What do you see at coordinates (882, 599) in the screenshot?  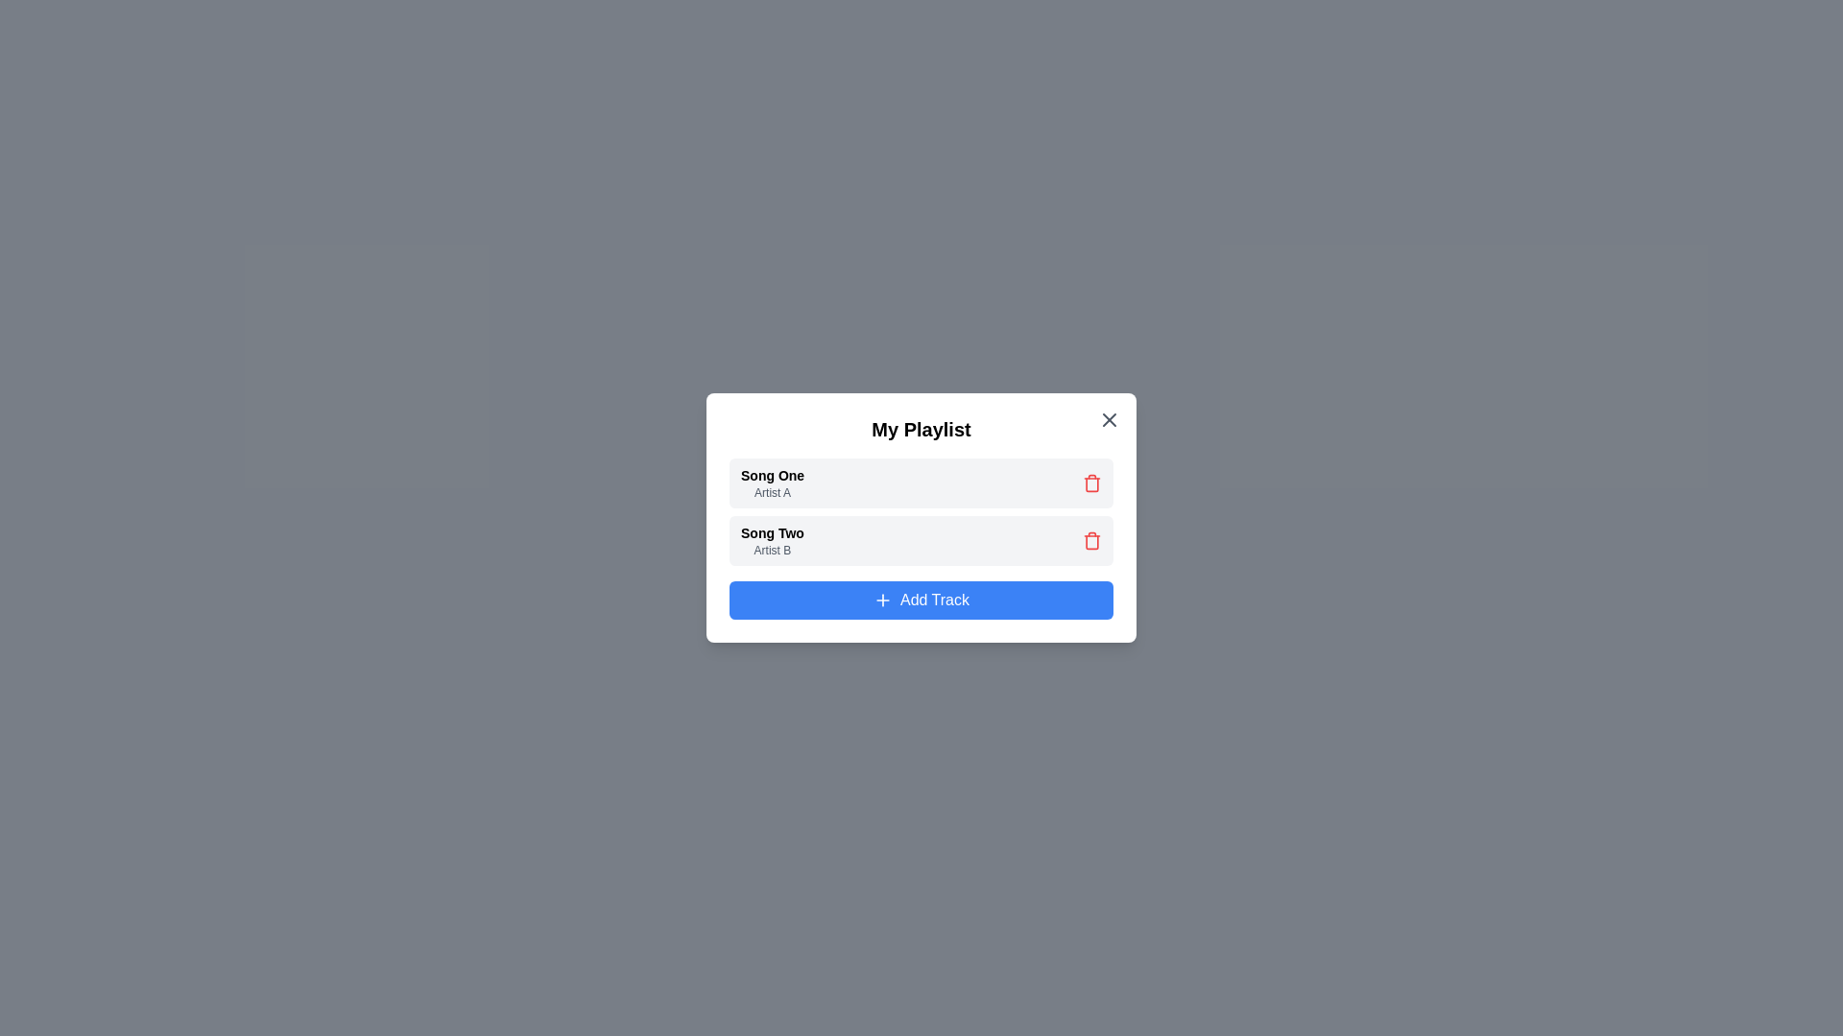 I see `the small plus ('+') icon located within the 'Add Track' button, which is positioned toward the bottom-center of the modal dialog box` at bounding box center [882, 599].